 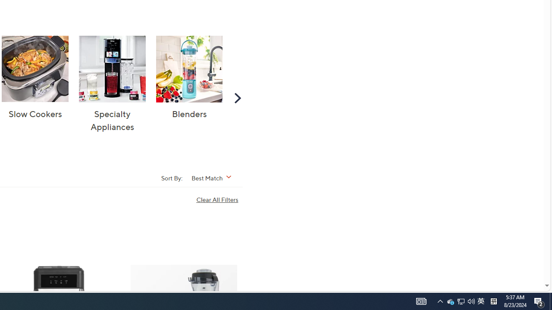 What do you see at coordinates (238, 97) in the screenshot?
I see `'Scroll Right'` at bounding box center [238, 97].